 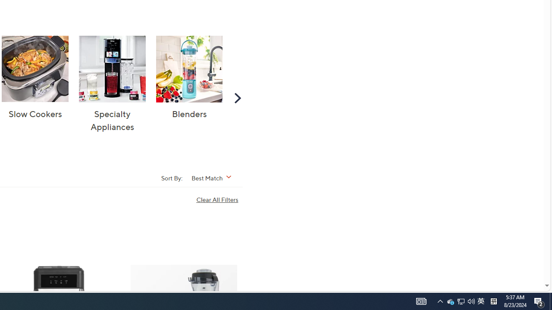 What do you see at coordinates (238, 97) in the screenshot?
I see `'Scroll Right'` at bounding box center [238, 97].